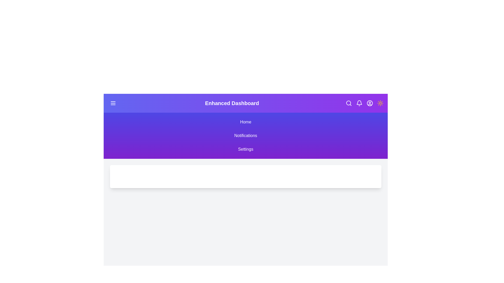 The height and width of the screenshot is (283, 504). What do you see at coordinates (113, 103) in the screenshot?
I see `the menu button to toggle the menu visibility` at bounding box center [113, 103].